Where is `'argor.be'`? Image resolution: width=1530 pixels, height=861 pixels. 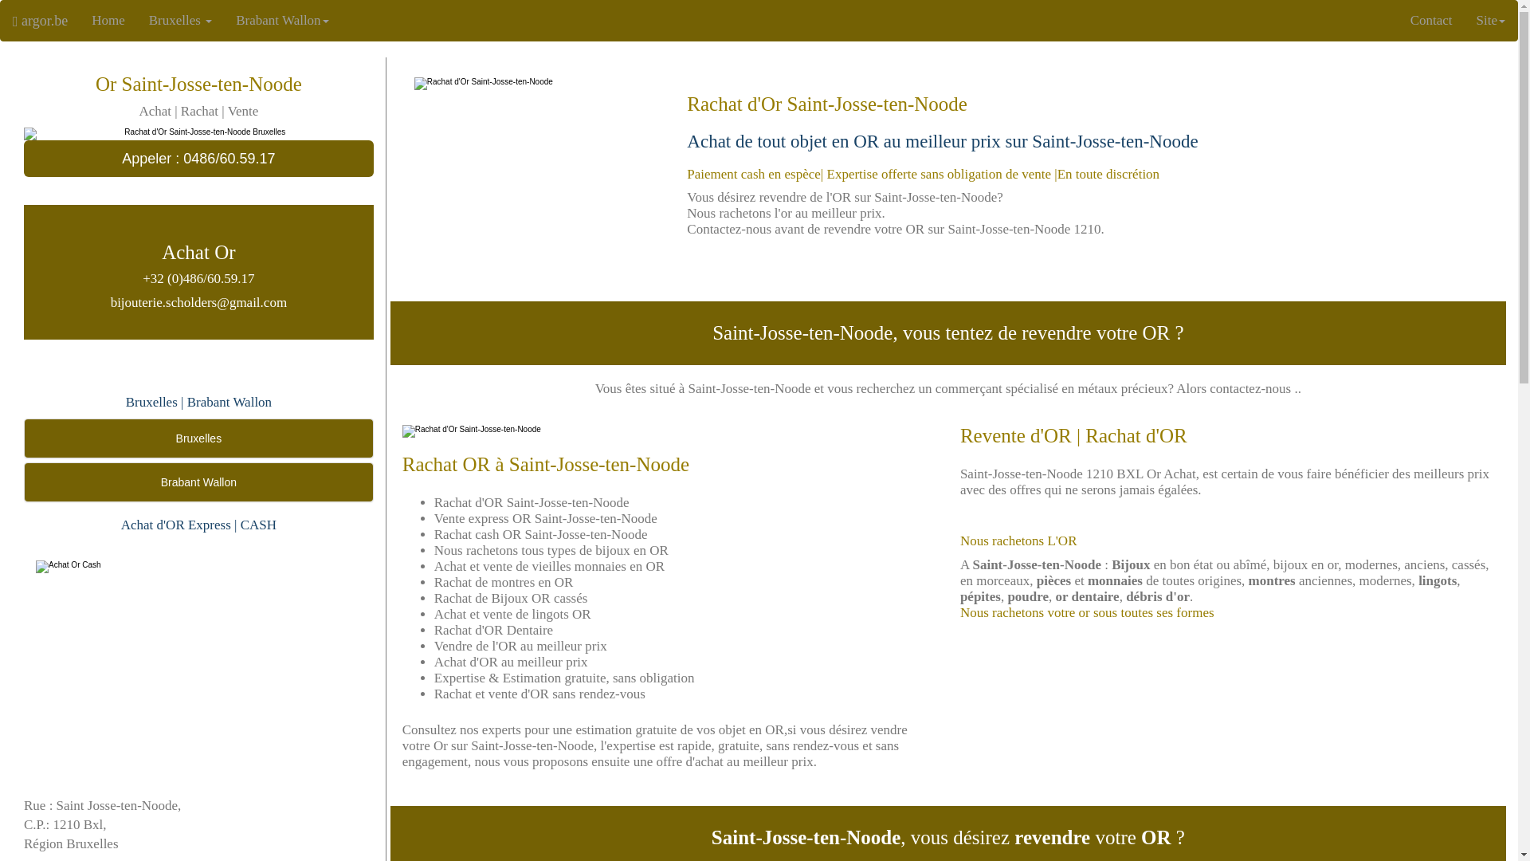
'argor.be' is located at coordinates (40, 21).